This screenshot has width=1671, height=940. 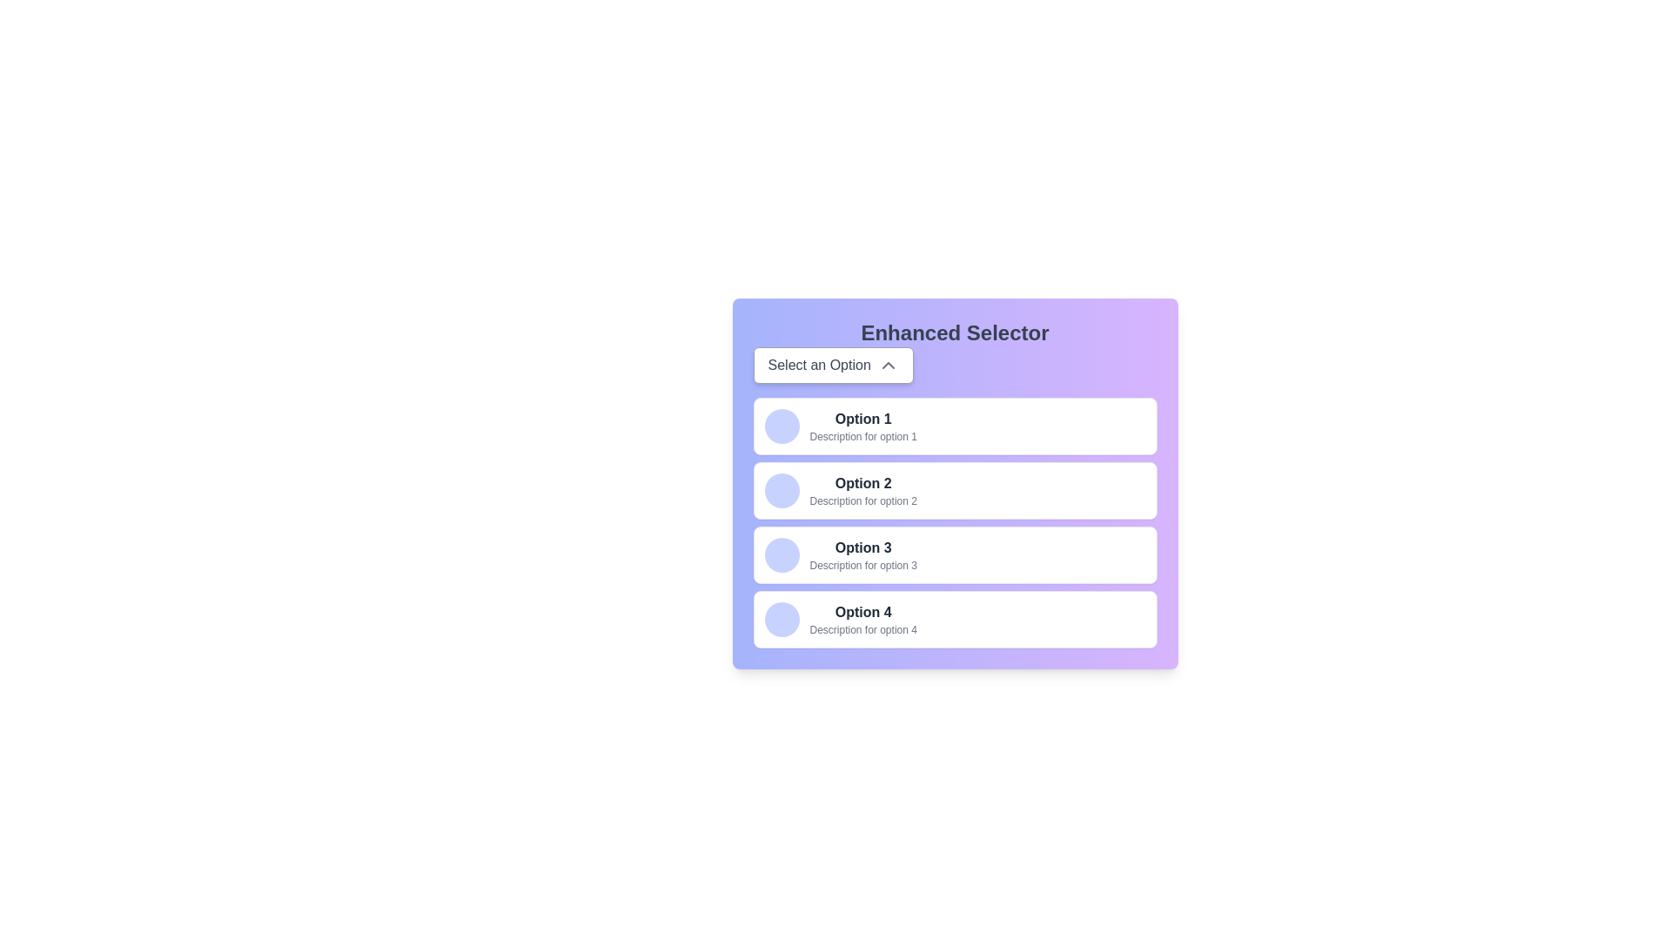 I want to click on a row in the centrally located list of selectable items within the 'Enhanced Selector' interface, so click(x=954, y=522).